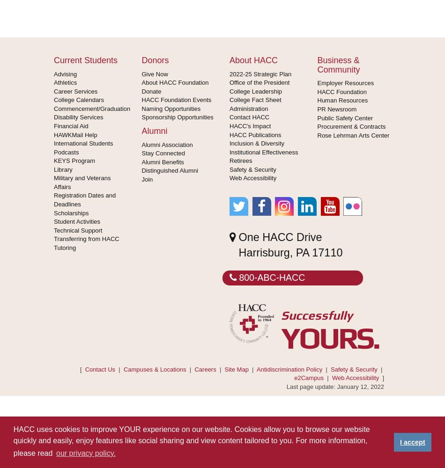 This screenshot has height=468, width=445. What do you see at coordinates (205, 369) in the screenshot?
I see `'Careers'` at bounding box center [205, 369].